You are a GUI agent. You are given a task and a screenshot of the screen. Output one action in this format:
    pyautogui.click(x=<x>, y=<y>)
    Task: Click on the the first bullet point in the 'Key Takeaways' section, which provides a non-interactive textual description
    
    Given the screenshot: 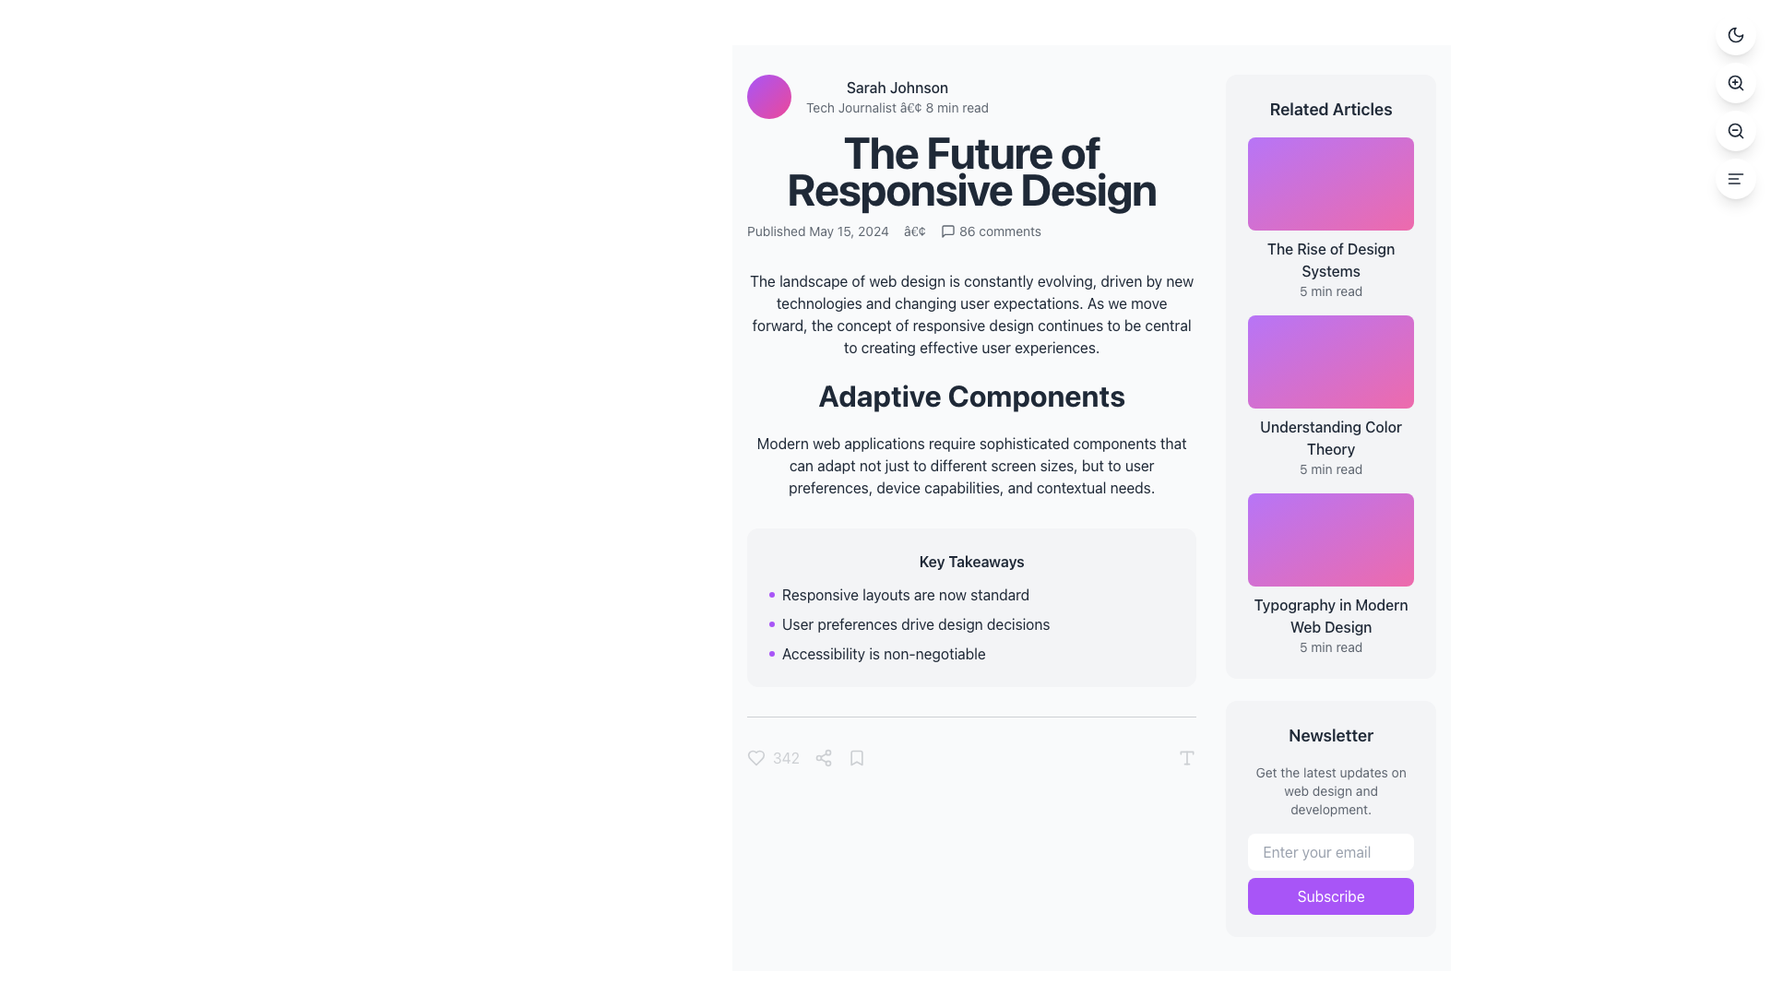 What is the action you would take?
    pyautogui.click(x=906, y=594)
    